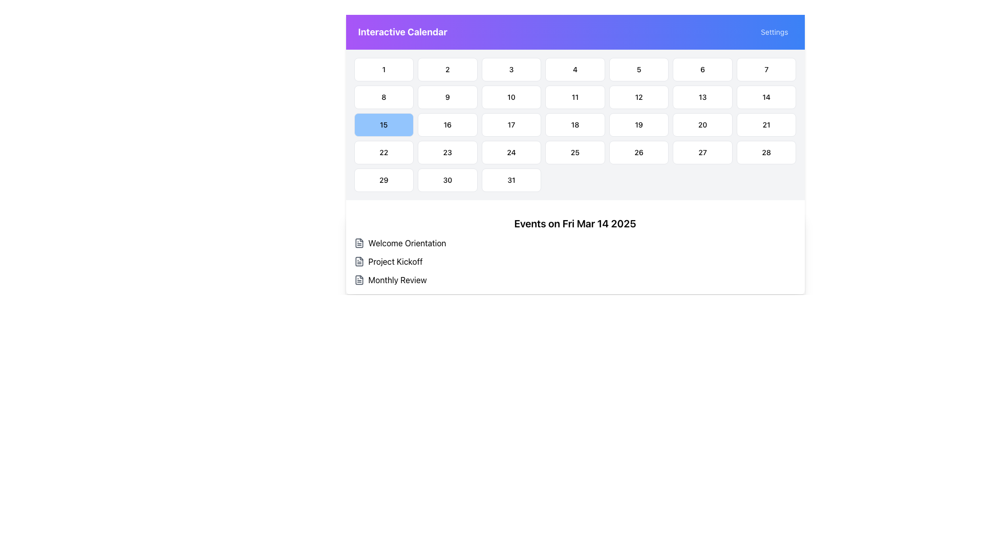 The height and width of the screenshot is (553, 983). Describe the element at coordinates (766, 69) in the screenshot. I see `the calendar date cell displaying the number '7'` at that location.